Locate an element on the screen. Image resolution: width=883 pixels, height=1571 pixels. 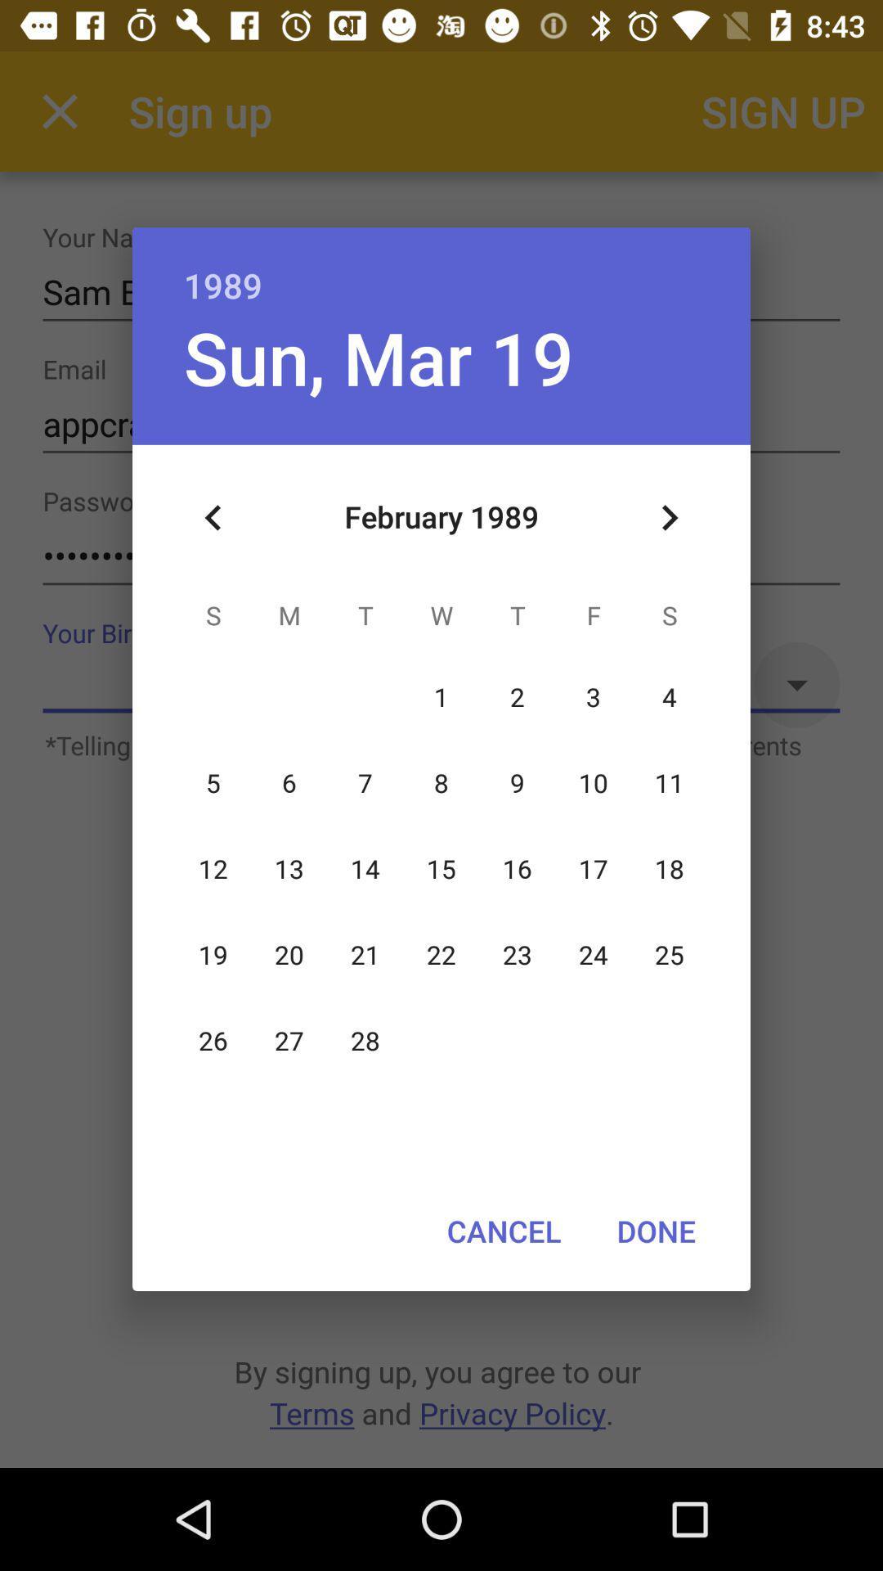
item above sun, mar 19 icon is located at coordinates (441, 268).